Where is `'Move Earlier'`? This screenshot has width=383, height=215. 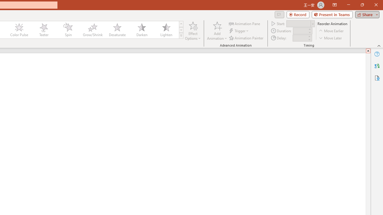
'Move Earlier' is located at coordinates (331, 31).